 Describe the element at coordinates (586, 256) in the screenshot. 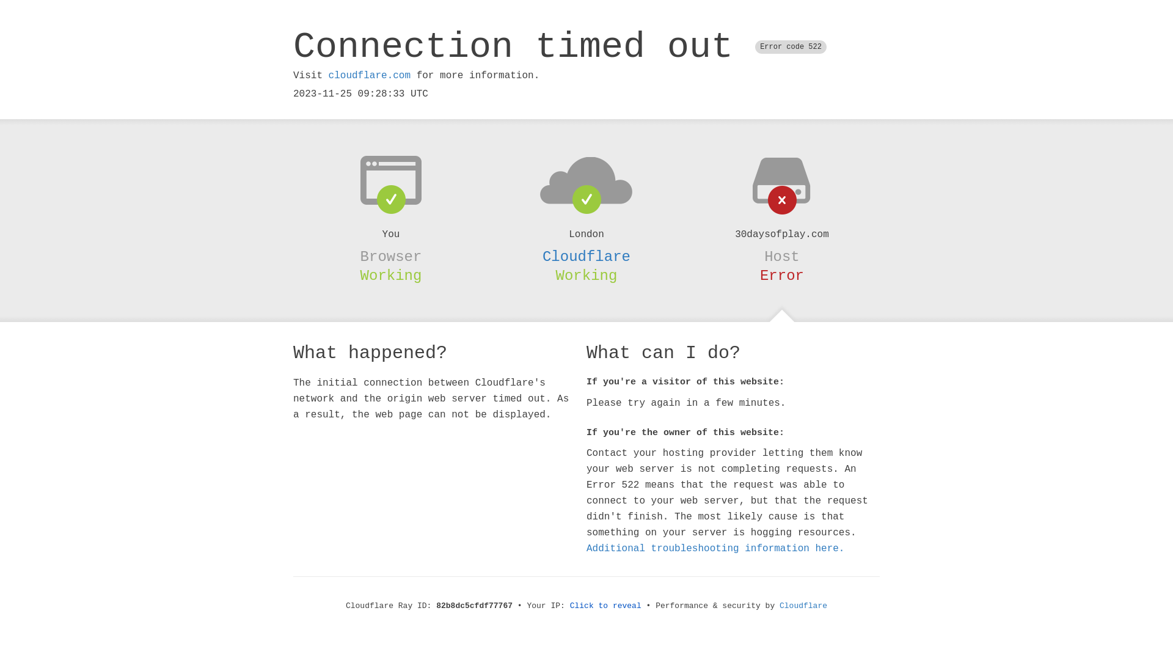

I see `'Cloudflare'` at that location.